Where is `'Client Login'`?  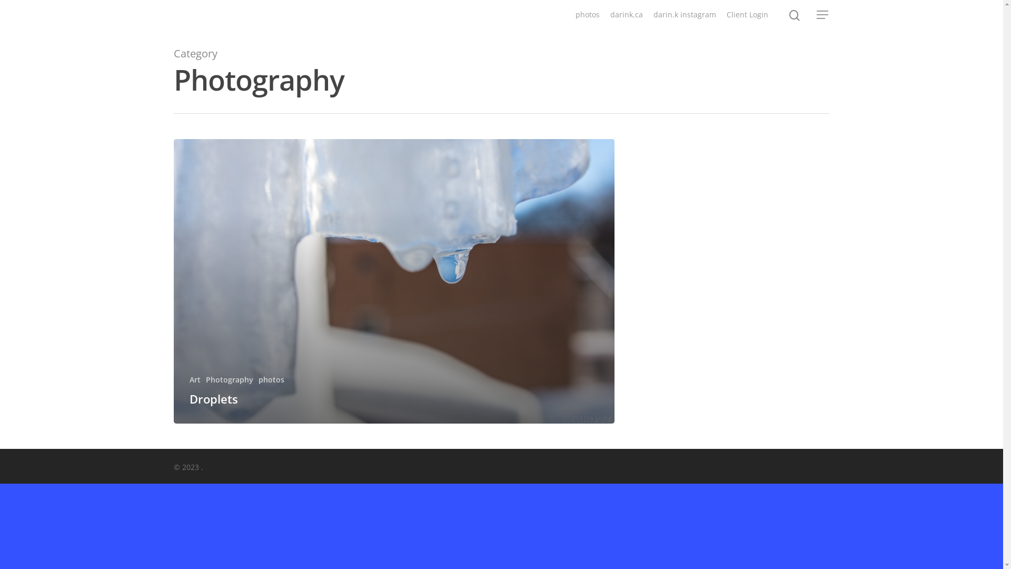 'Client Login' is located at coordinates (726, 14).